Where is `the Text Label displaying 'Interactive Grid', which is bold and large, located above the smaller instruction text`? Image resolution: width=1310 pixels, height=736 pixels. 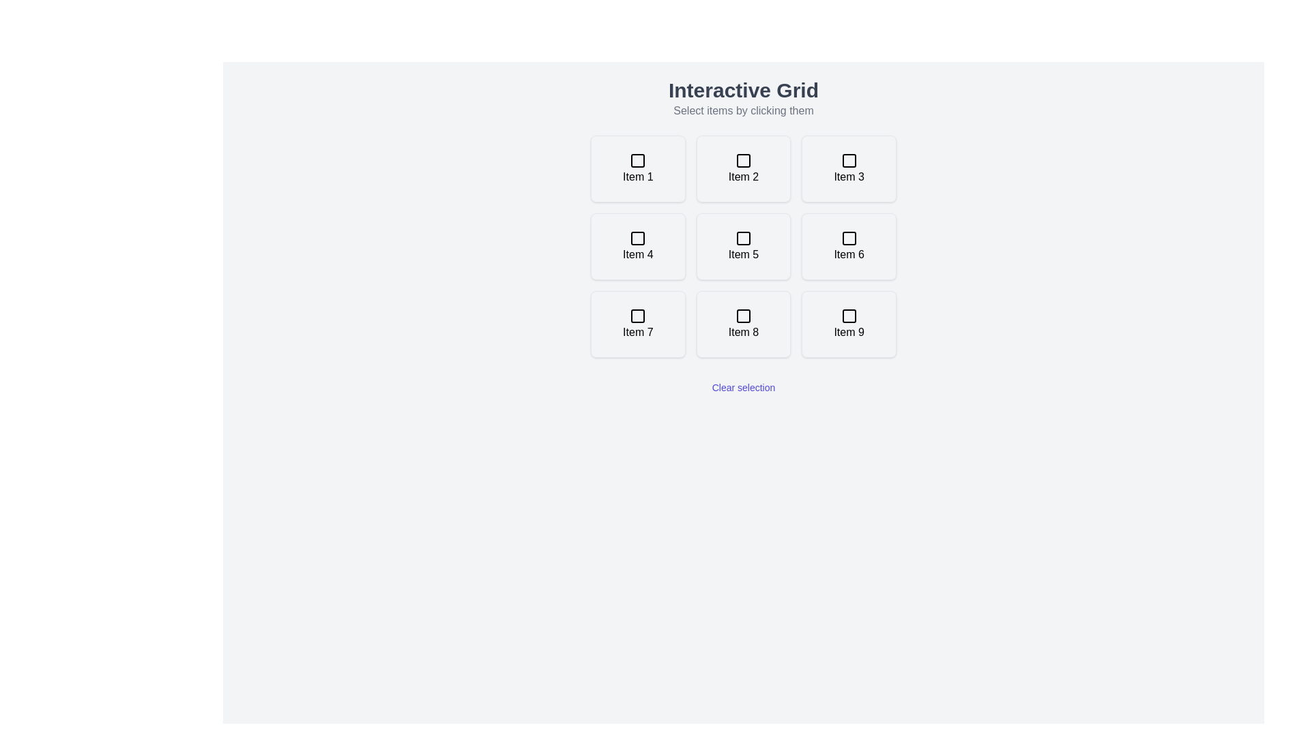
the Text Label displaying 'Interactive Grid', which is bold and large, located above the smaller instruction text is located at coordinates (742, 90).